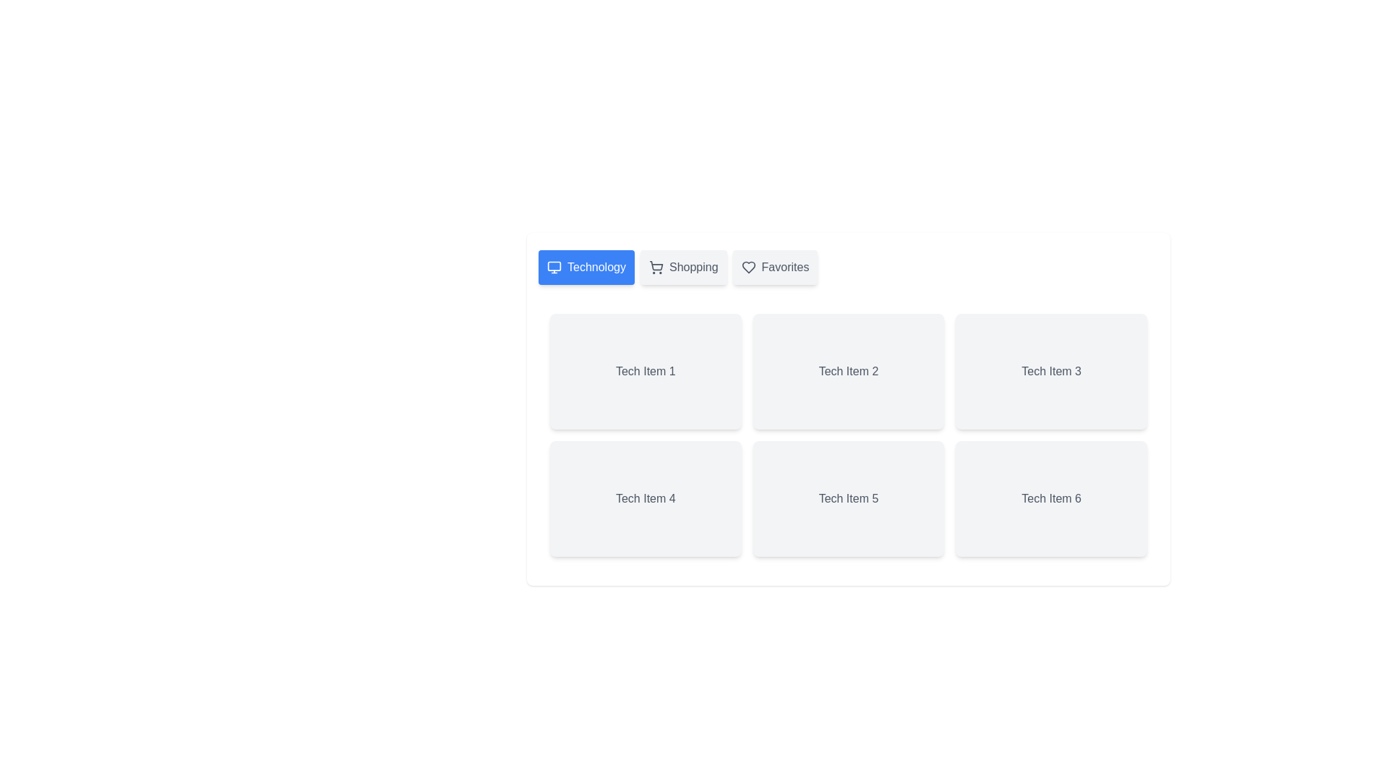  What do you see at coordinates (849, 370) in the screenshot?
I see `the item labeled Tech Item 2 within the active tab` at bounding box center [849, 370].